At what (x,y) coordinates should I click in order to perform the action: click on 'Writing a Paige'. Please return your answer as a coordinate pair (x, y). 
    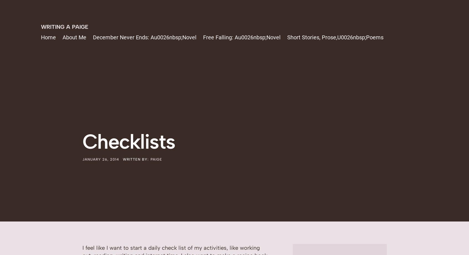
    Looking at the image, I should click on (40, 27).